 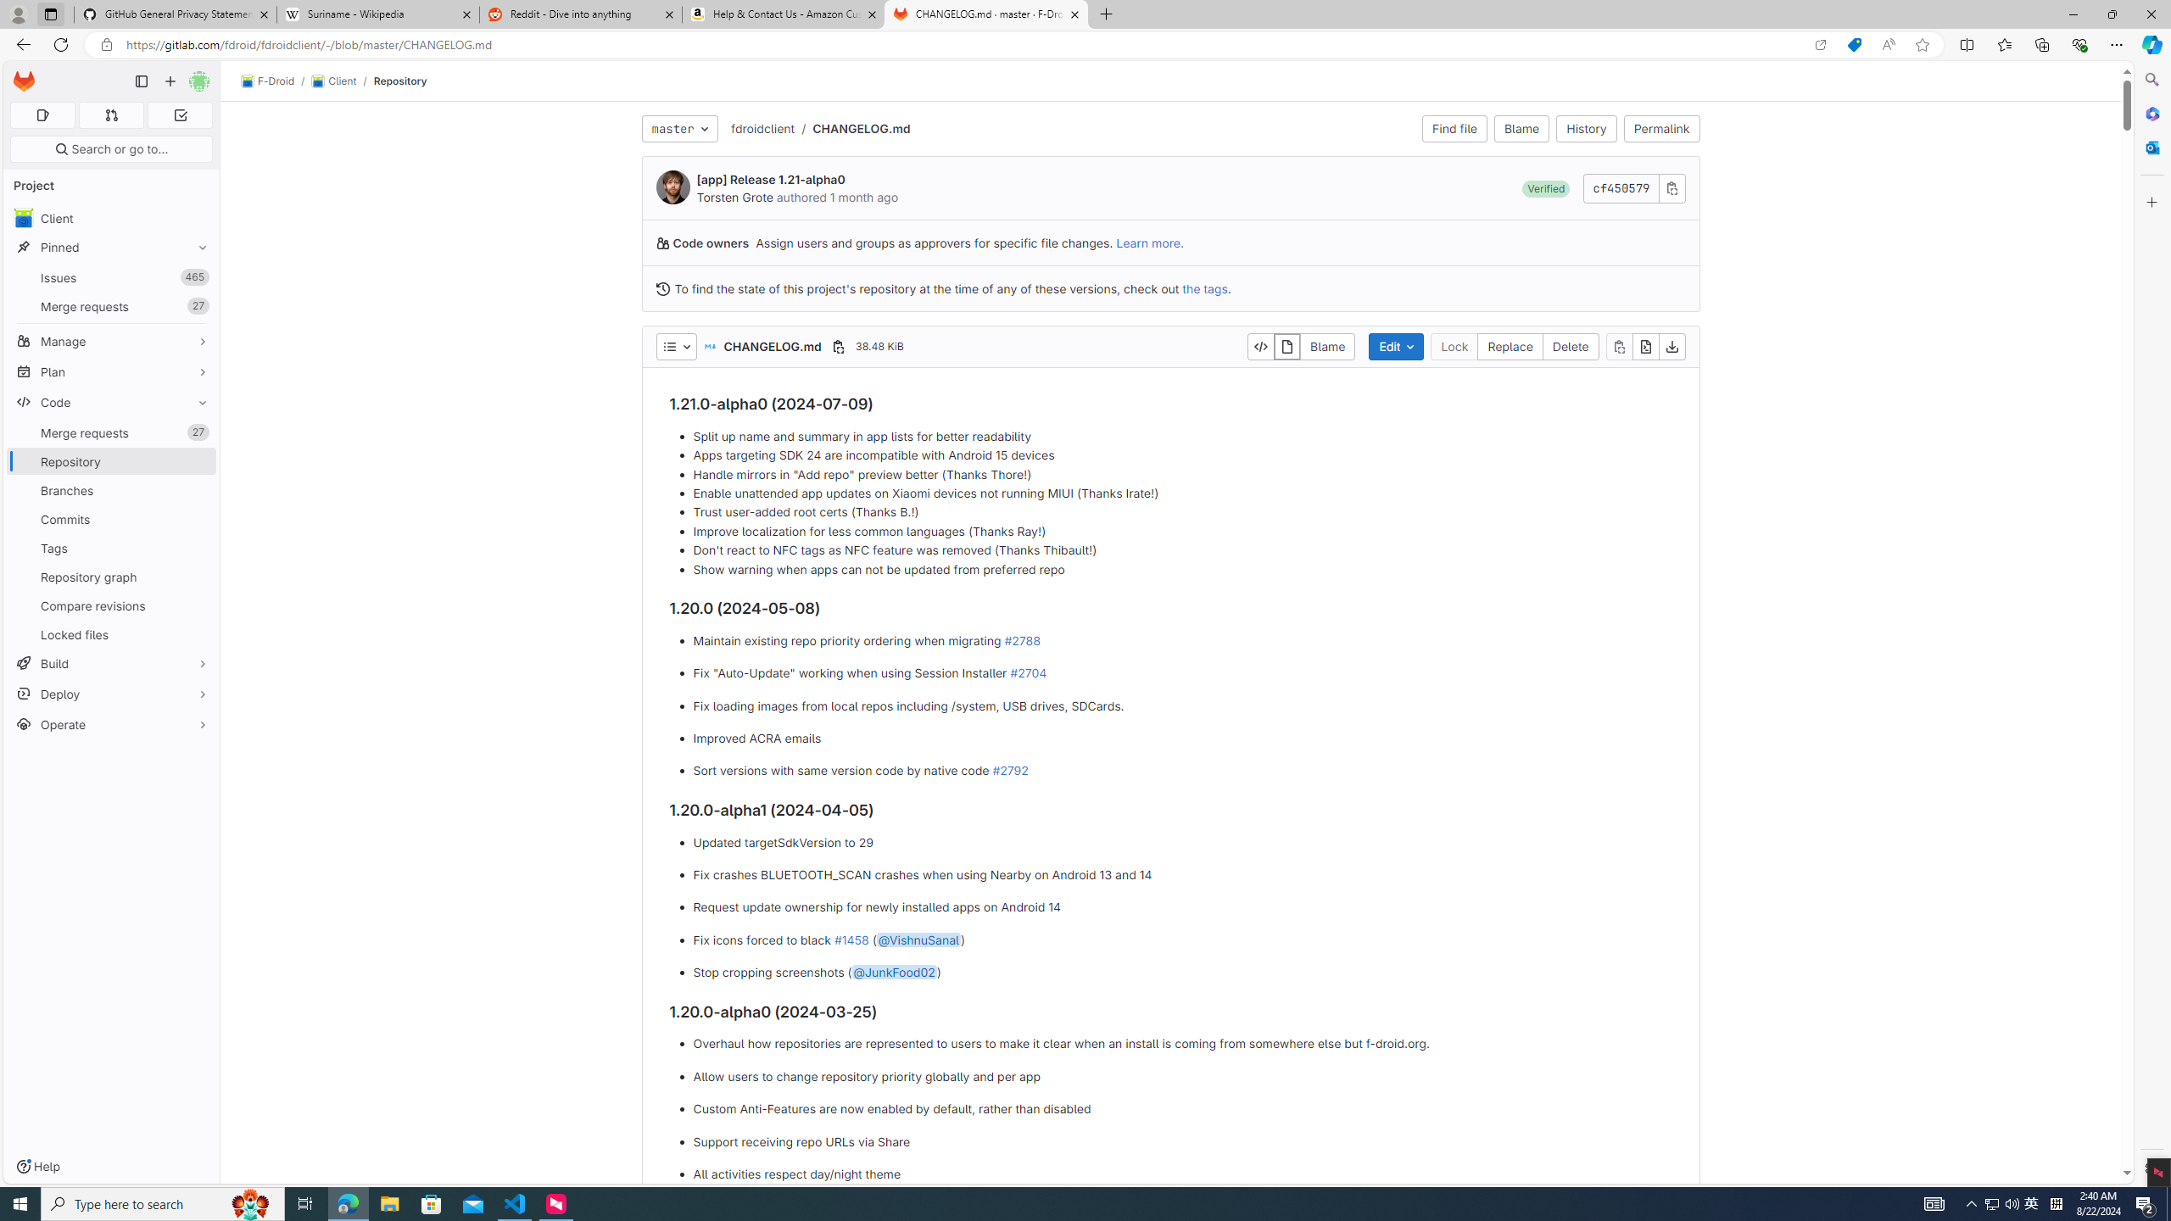 I want to click on 'Build', so click(x=110, y=662).